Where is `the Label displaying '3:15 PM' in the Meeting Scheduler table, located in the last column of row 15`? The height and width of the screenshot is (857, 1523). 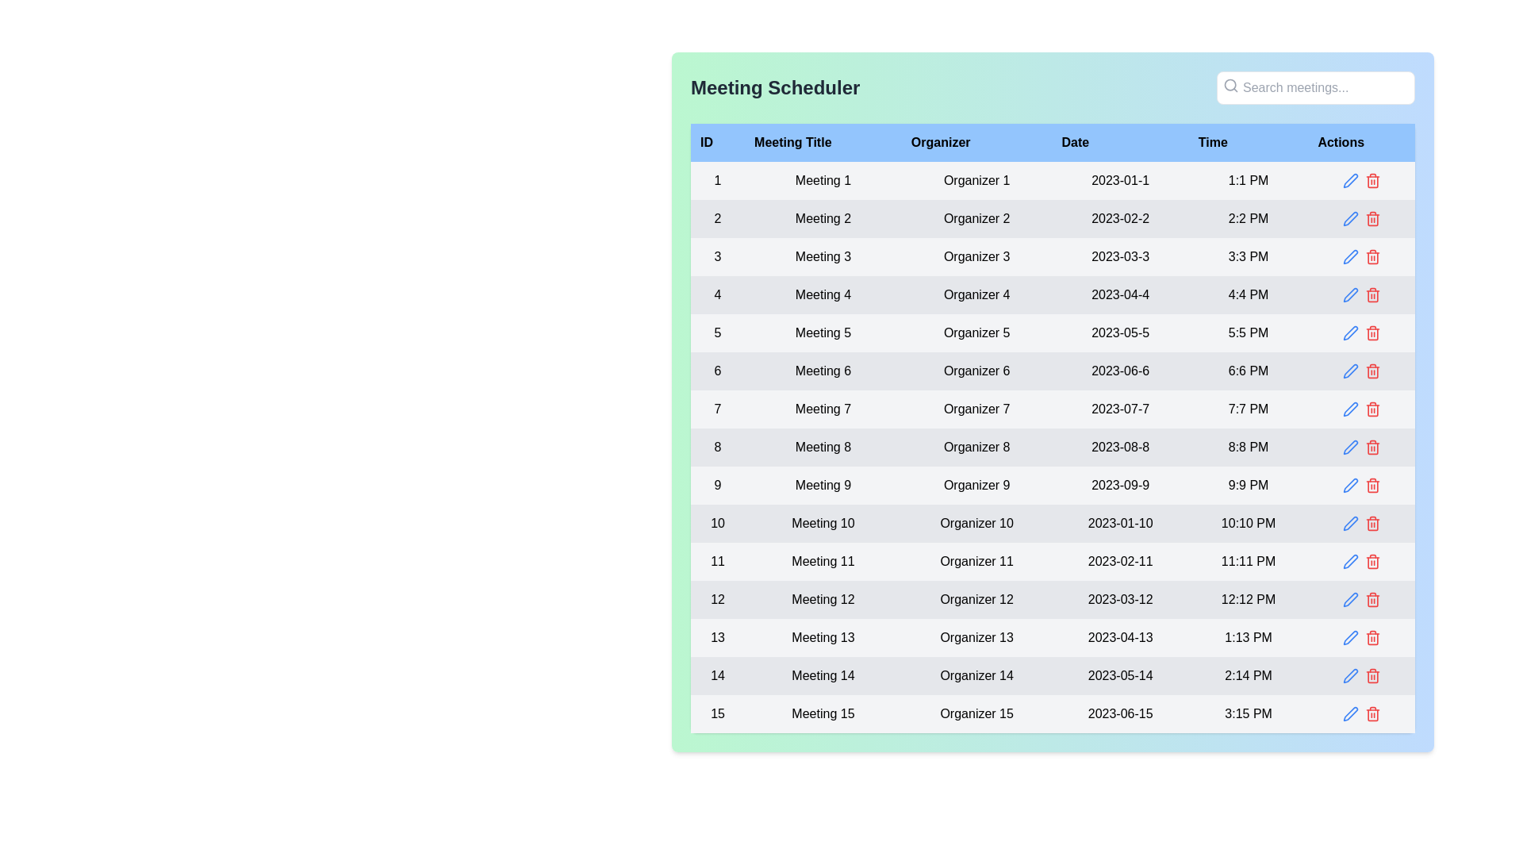
the Label displaying '3:15 PM' in the Meeting Scheduler table, located in the last column of row 15 is located at coordinates (1248, 713).